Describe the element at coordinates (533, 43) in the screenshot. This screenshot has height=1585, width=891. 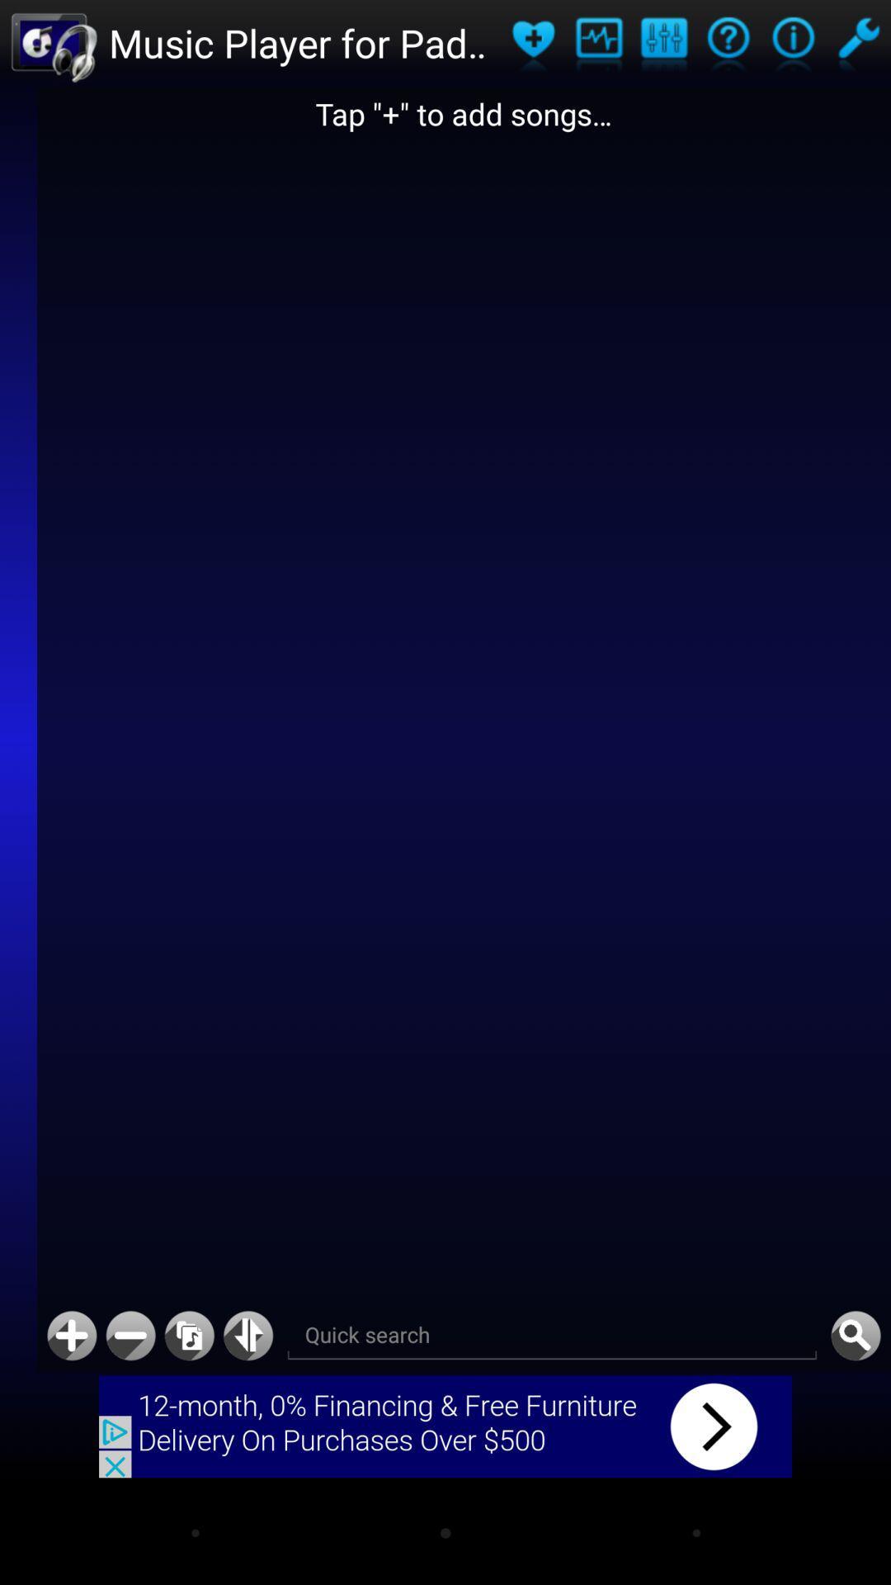
I see `songs` at that location.